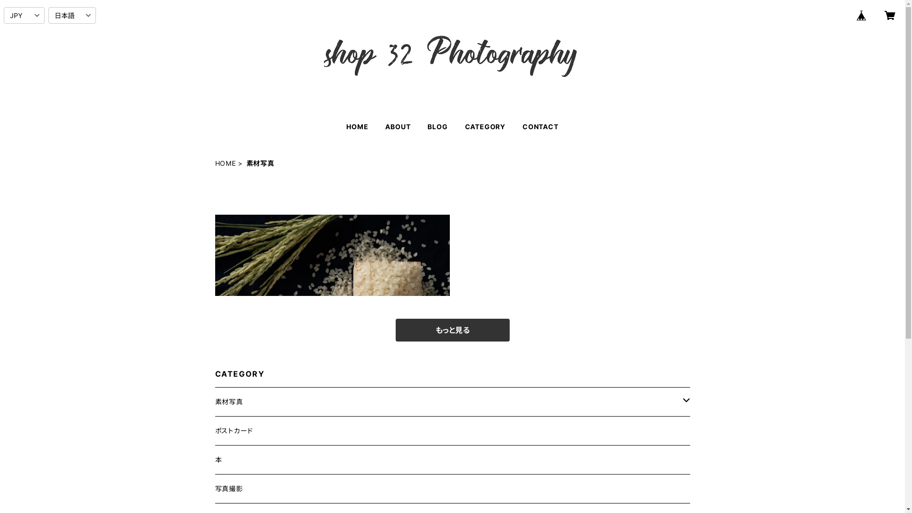 This screenshot has height=513, width=912. Describe the element at coordinates (225, 162) in the screenshot. I see `'HOME'` at that location.